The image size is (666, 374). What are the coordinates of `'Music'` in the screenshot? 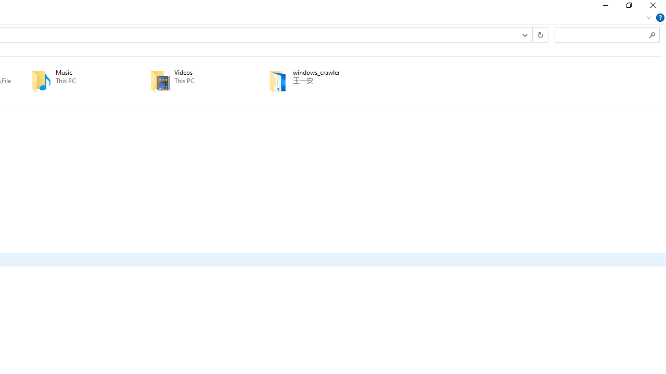 It's located at (75, 81).